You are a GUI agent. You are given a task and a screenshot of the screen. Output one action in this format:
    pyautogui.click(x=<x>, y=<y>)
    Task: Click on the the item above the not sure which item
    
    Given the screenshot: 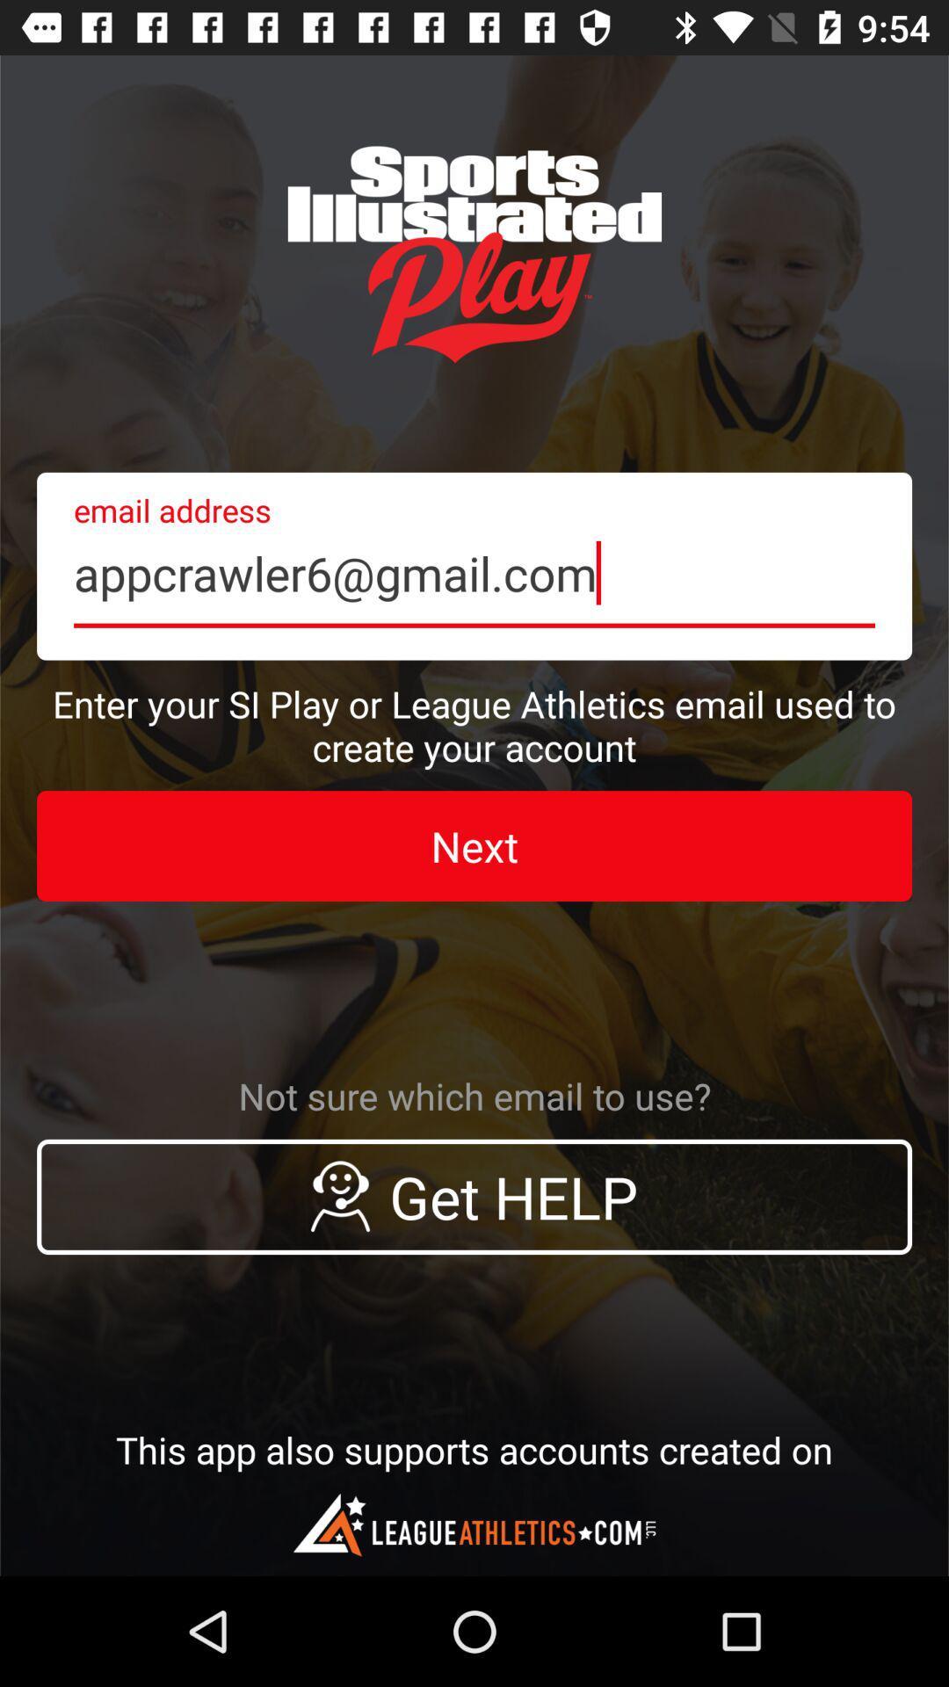 What is the action you would take?
    pyautogui.click(x=474, y=846)
    